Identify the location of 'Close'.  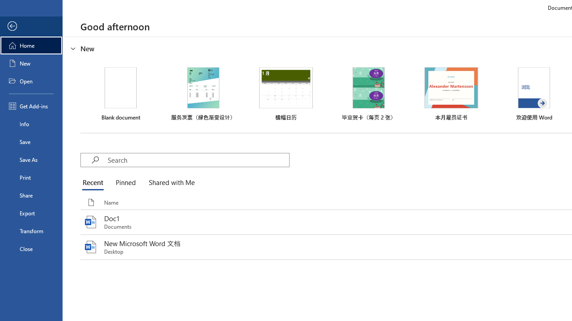
(31, 249).